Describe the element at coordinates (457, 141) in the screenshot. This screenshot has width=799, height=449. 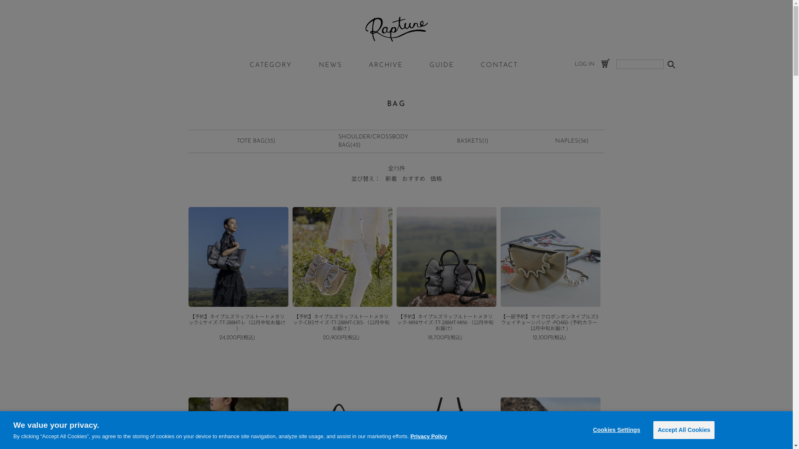
I see `'BASKETS(1)'` at that location.